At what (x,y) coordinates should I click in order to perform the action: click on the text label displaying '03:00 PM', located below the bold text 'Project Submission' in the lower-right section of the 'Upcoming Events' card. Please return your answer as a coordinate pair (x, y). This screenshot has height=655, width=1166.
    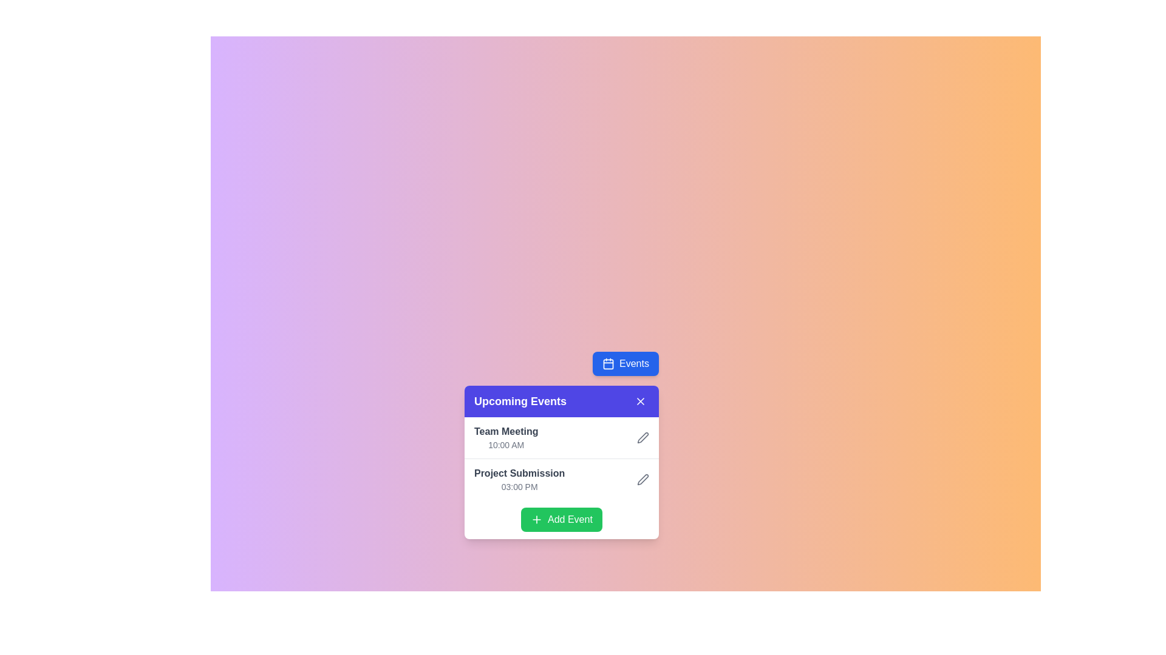
    Looking at the image, I should click on (519, 486).